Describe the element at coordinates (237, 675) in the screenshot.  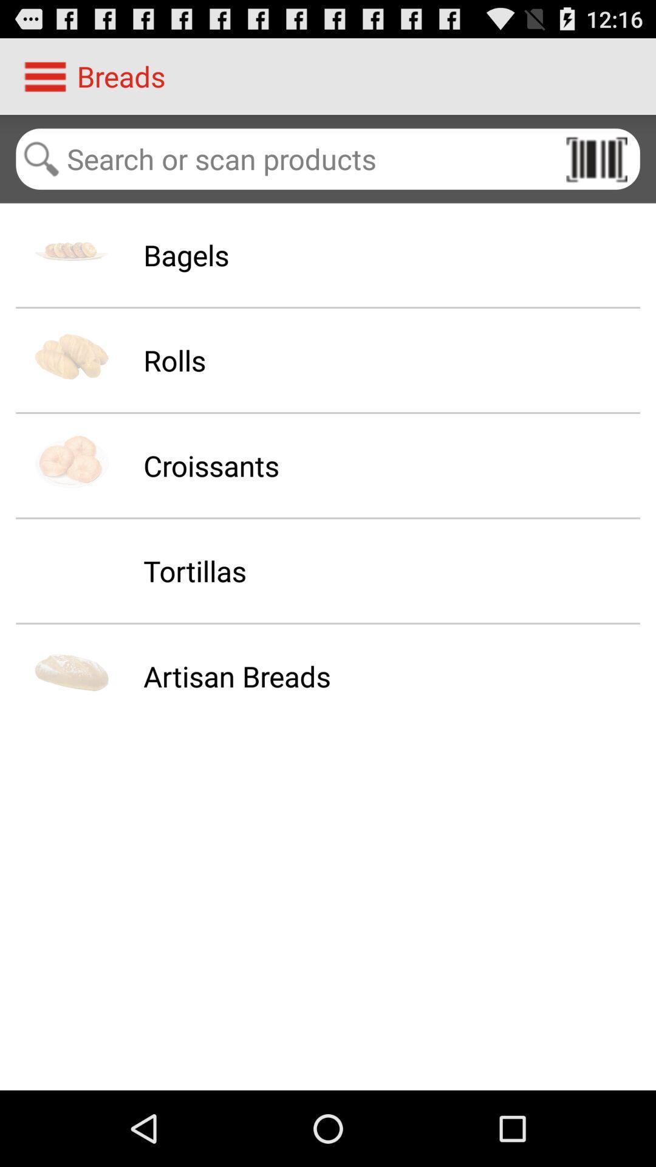
I see `artisan breads icon` at that location.